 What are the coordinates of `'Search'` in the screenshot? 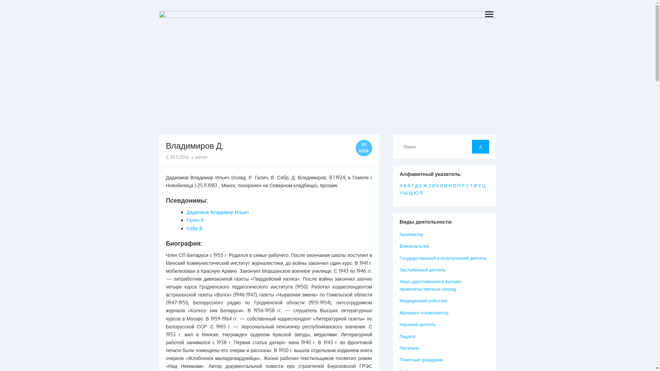 It's located at (480, 146).